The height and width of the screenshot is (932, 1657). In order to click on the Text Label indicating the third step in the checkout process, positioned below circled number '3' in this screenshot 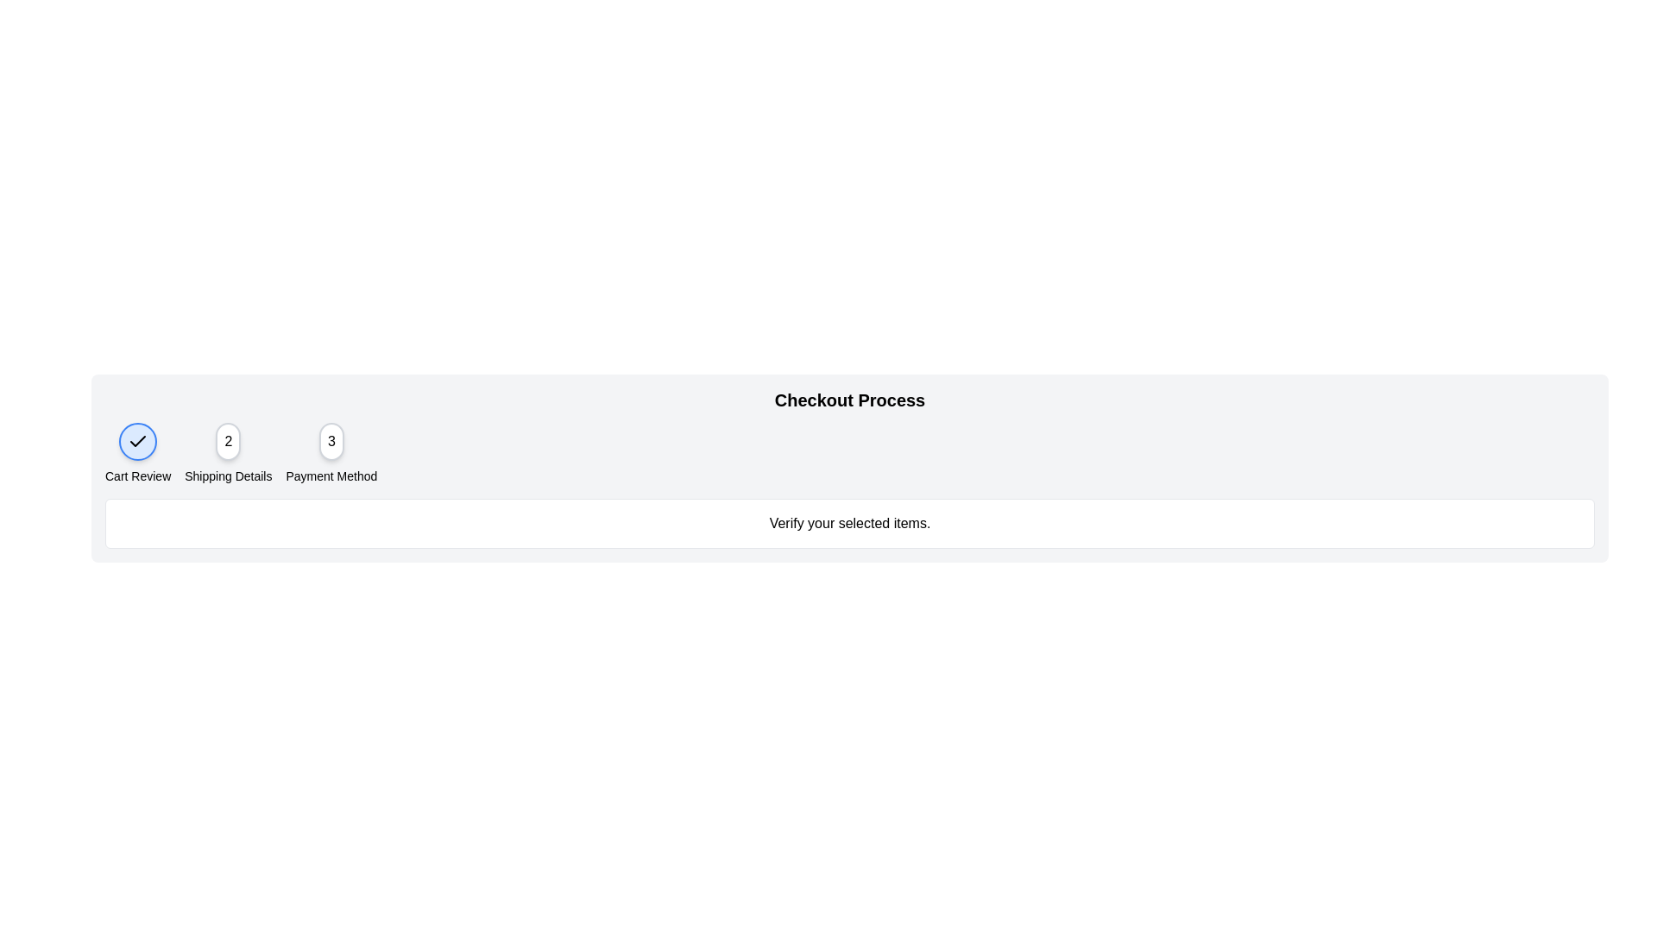, I will do `click(331, 475)`.